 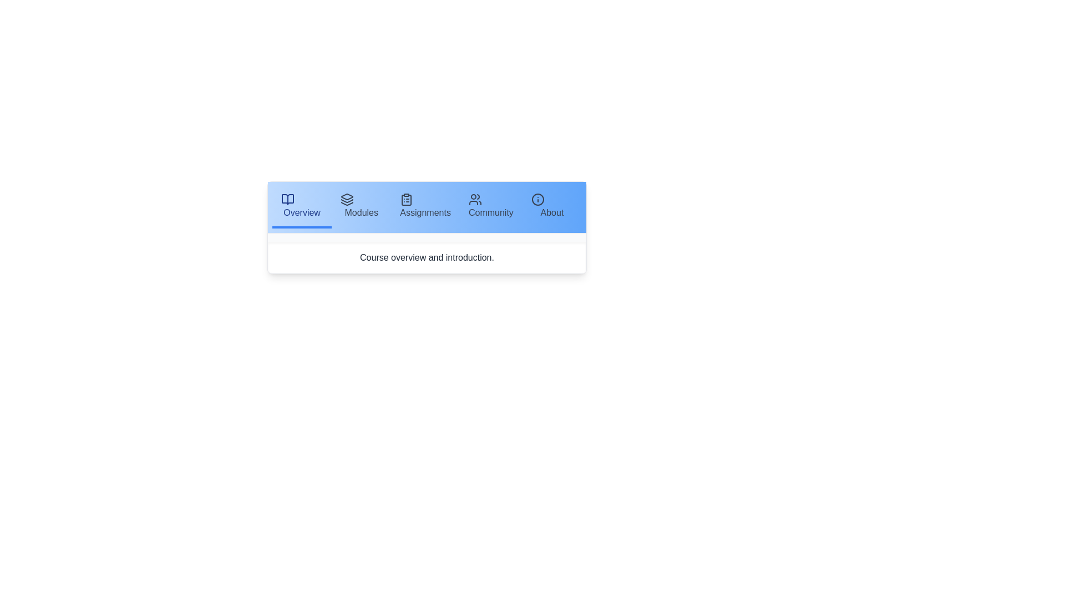 I want to click on the central circular Graphical SVG element in the 'About' section of the interface, so click(x=537, y=199).